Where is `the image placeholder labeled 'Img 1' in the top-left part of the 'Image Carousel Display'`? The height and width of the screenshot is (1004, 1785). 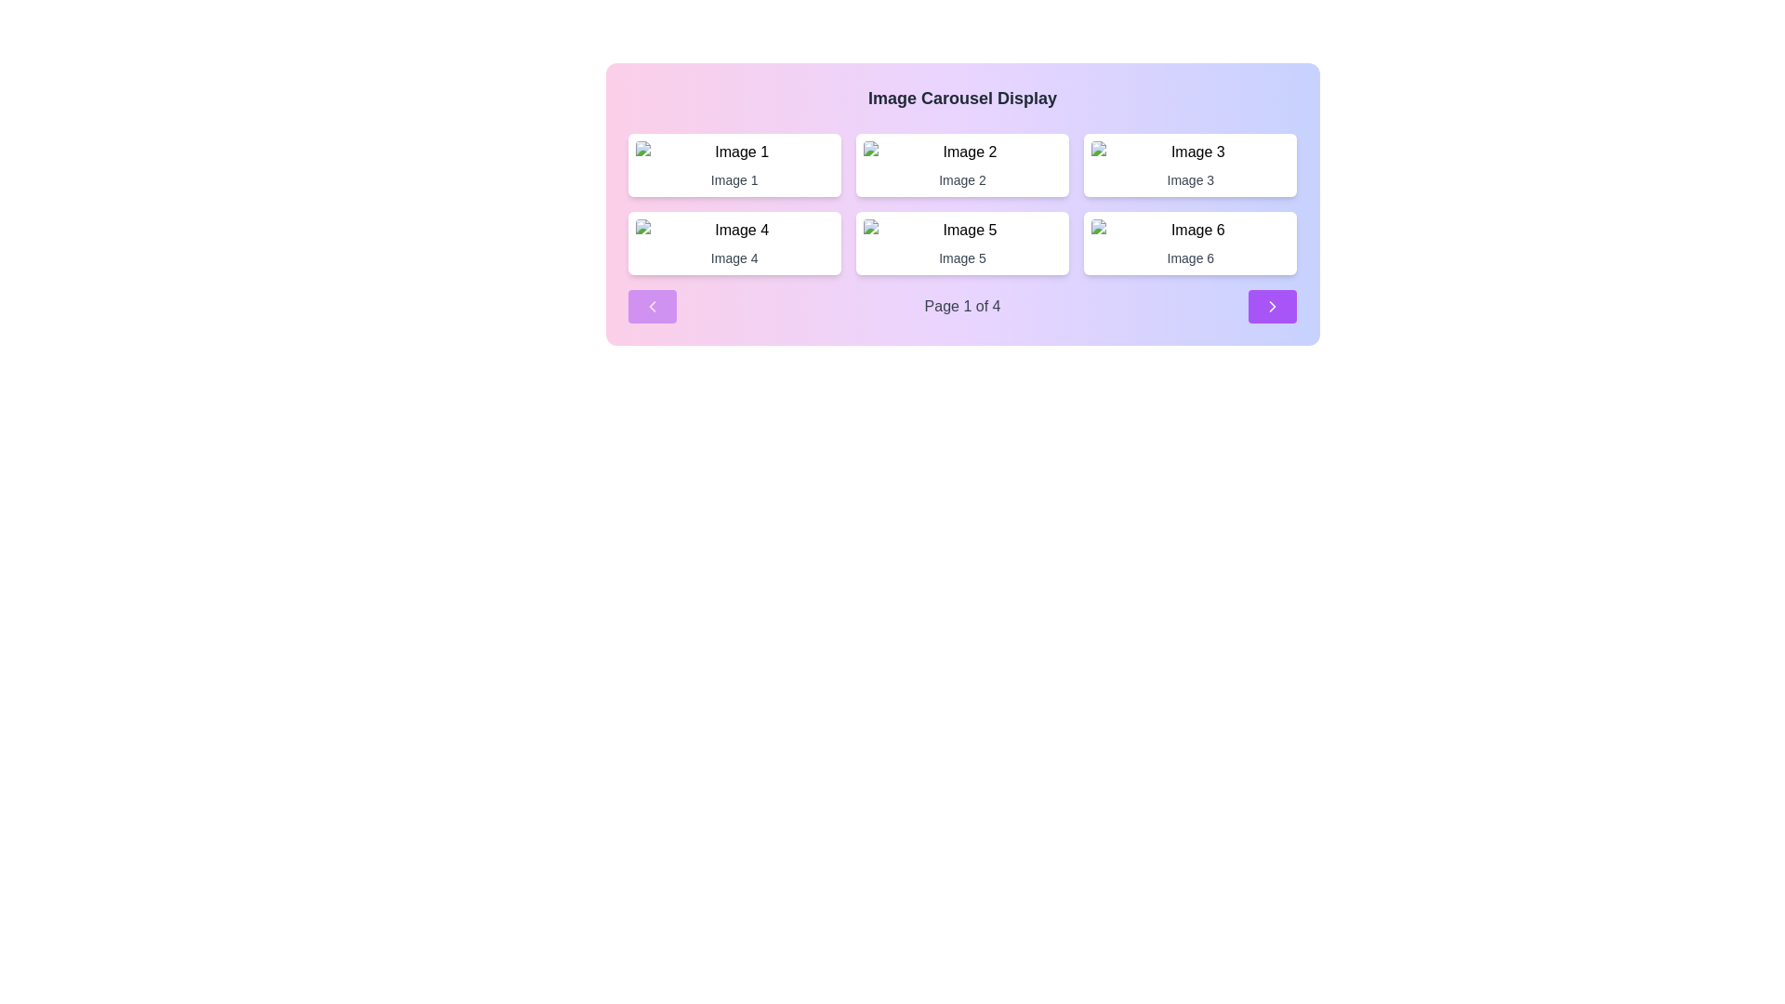
the image placeholder labeled 'Img 1' in the top-left part of the 'Image Carousel Display' is located at coordinates (734, 152).